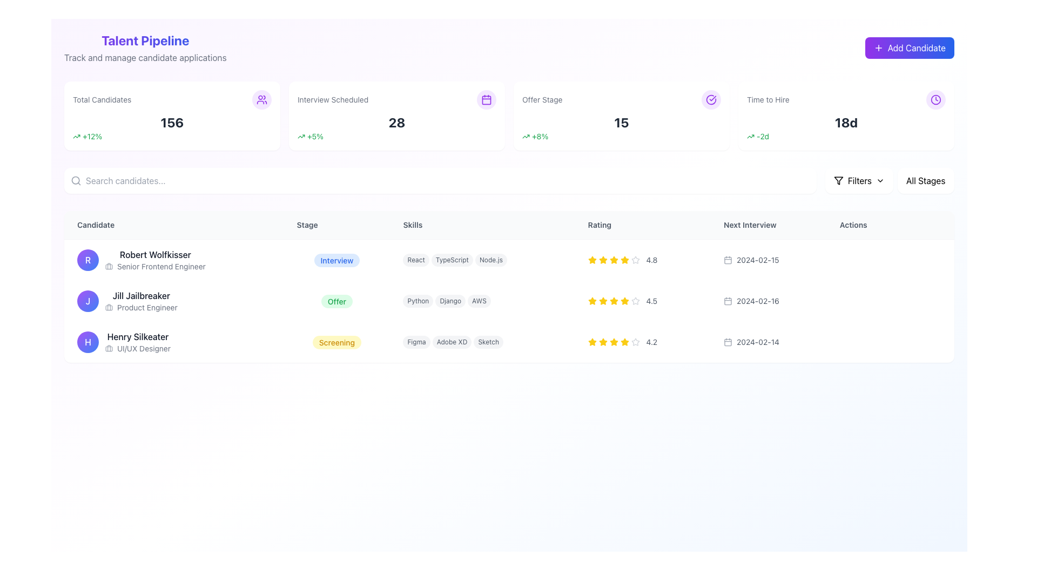 This screenshot has height=583, width=1037. What do you see at coordinates (859, 180) in the screenshot?
I see `'Filters' label text displayed in black on a white background, located near the top-right of the interface, positioned between the filter icon and a dropdown chevron` at bounding box center [859, 180].